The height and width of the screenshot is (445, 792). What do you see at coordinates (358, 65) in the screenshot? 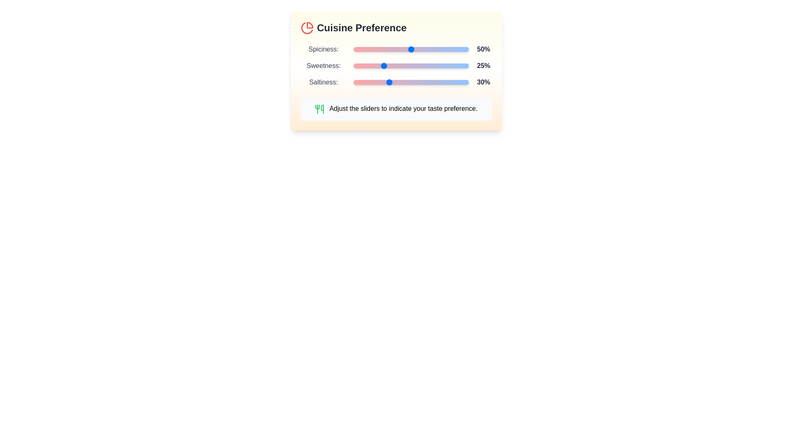
I see `the sweetness slider to 4%` at bounding box center [358, 65].